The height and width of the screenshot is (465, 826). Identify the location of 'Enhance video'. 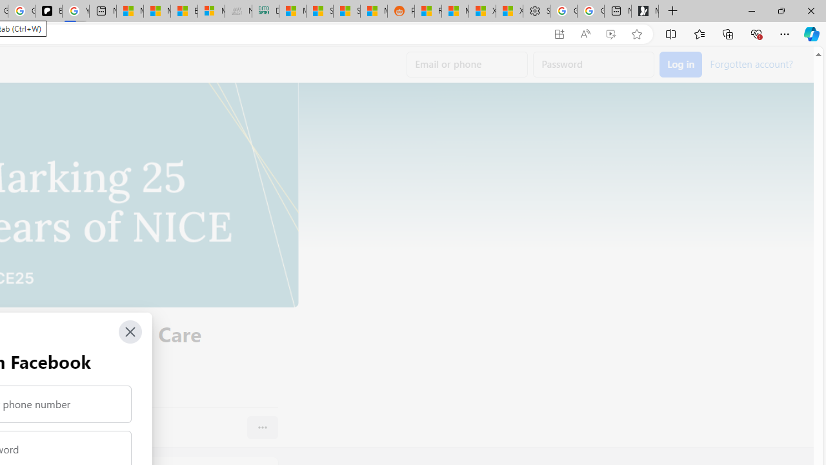
(610, 34).